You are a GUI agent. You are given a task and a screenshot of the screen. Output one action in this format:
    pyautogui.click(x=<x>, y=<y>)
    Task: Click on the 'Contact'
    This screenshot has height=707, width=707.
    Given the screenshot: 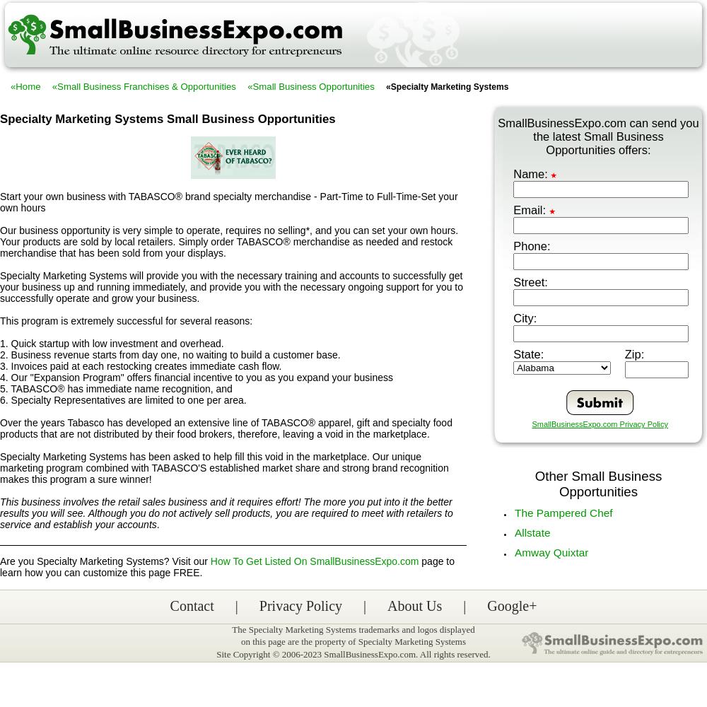 What is the action you would take?
    pyautogui.click(x=192, y=605)
    